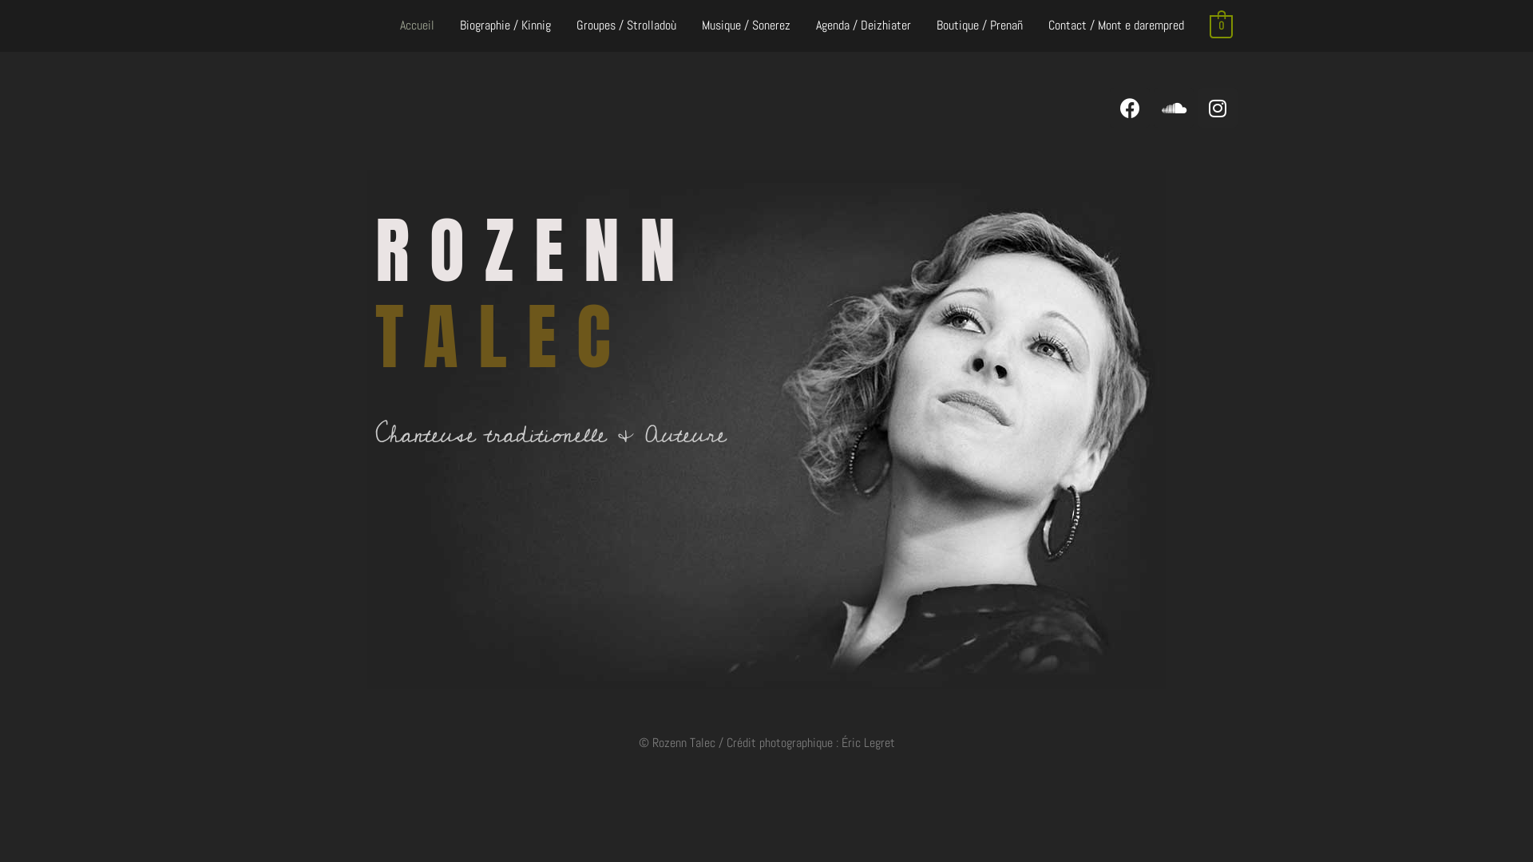 The height and width of the screenshot is (862, 1533). Describe the element at coordinates (862, 26) in the screenshot. I see `'Agenda / Deizhiater'` at that location.